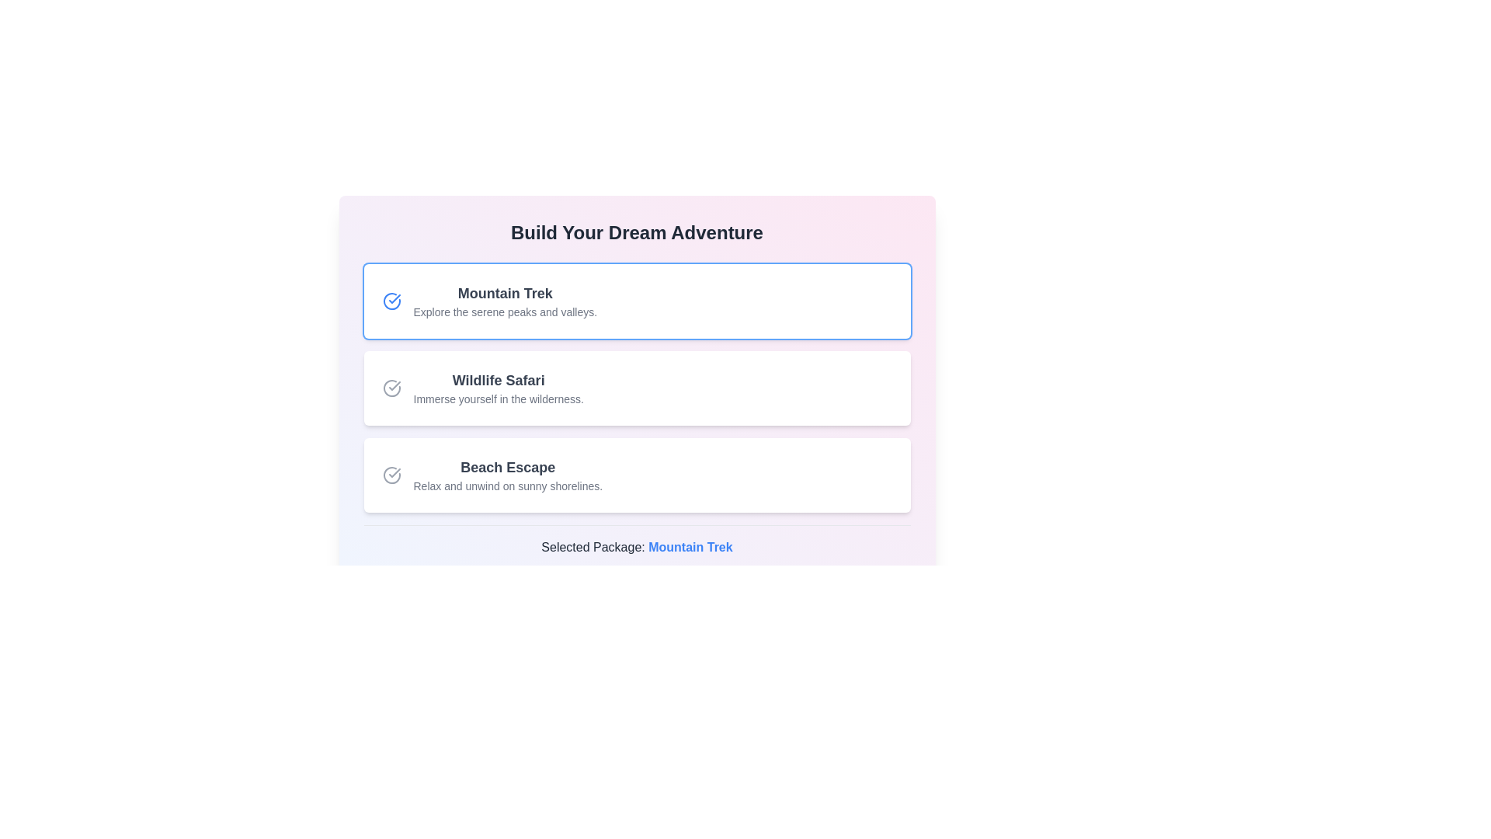 The height and width of the screenshot is (839, 1491). I want to click on the informational title and description text block for the 'Mountain Trek' package, located at the top of the options list under 'Build Your Dream Adventure.', so click(505, 301).